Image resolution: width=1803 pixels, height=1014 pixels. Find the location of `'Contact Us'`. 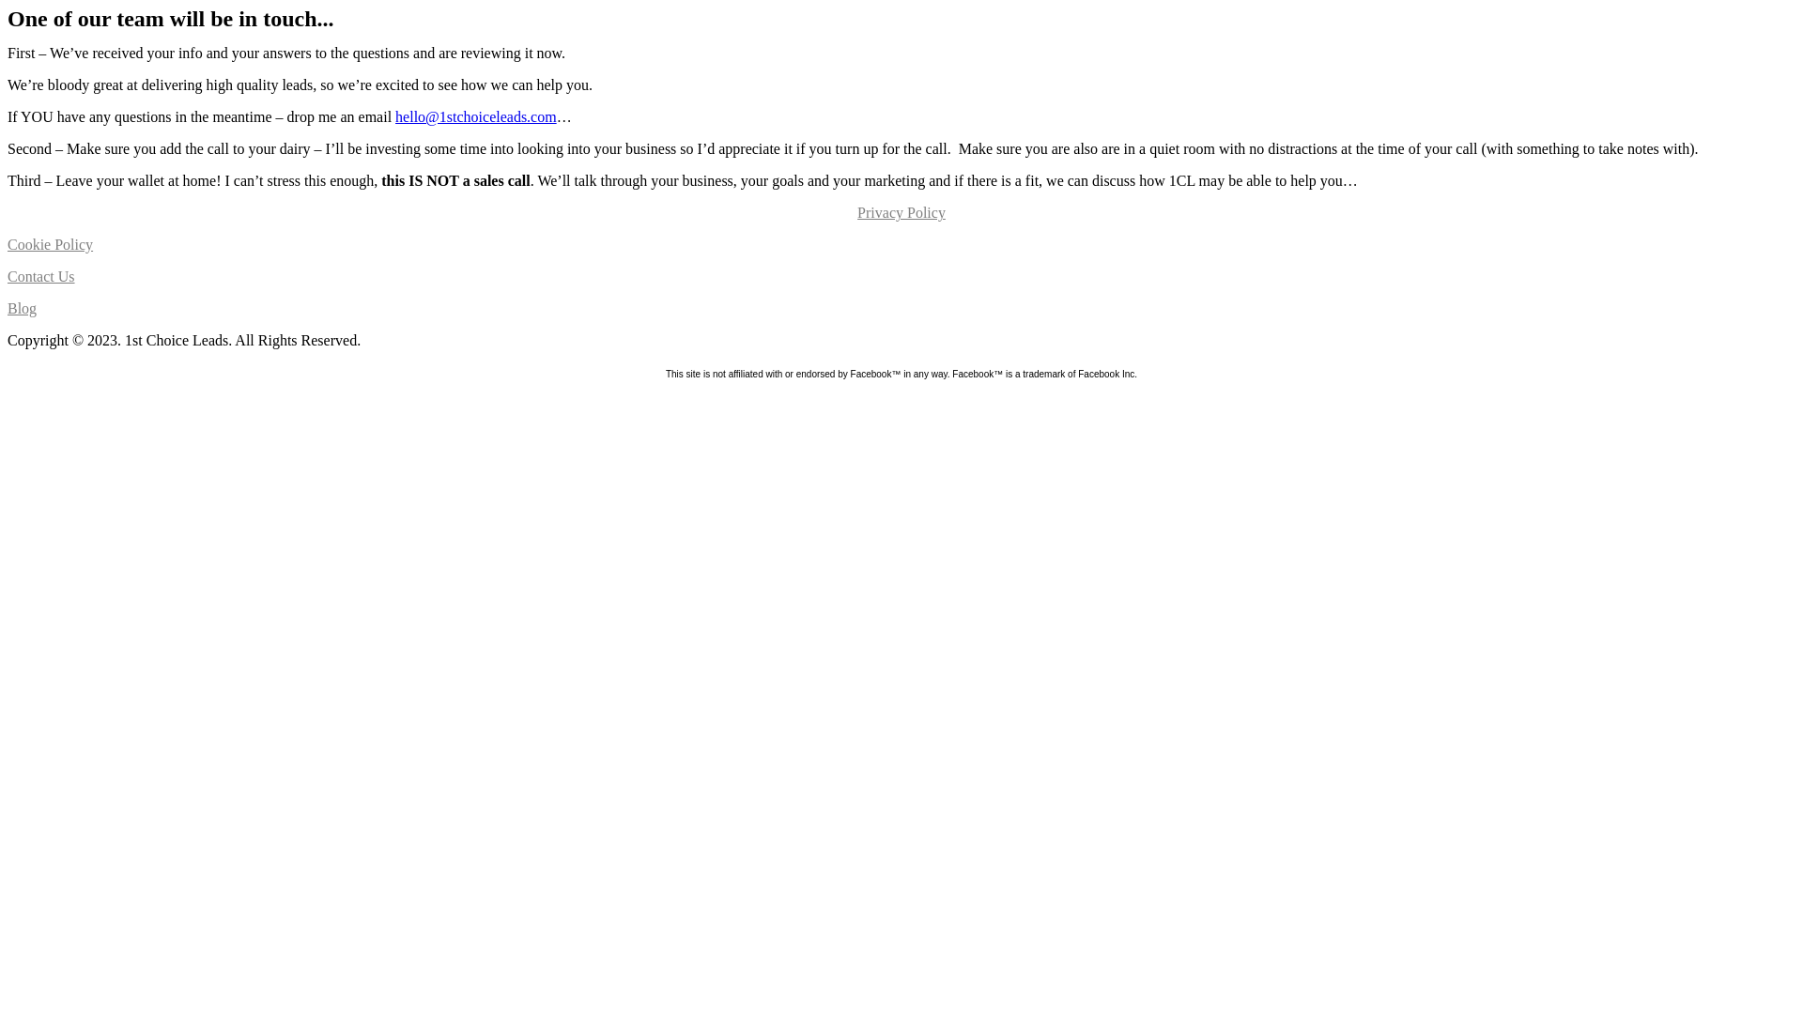

'Contact Us' is located at coordinates (40, 276).